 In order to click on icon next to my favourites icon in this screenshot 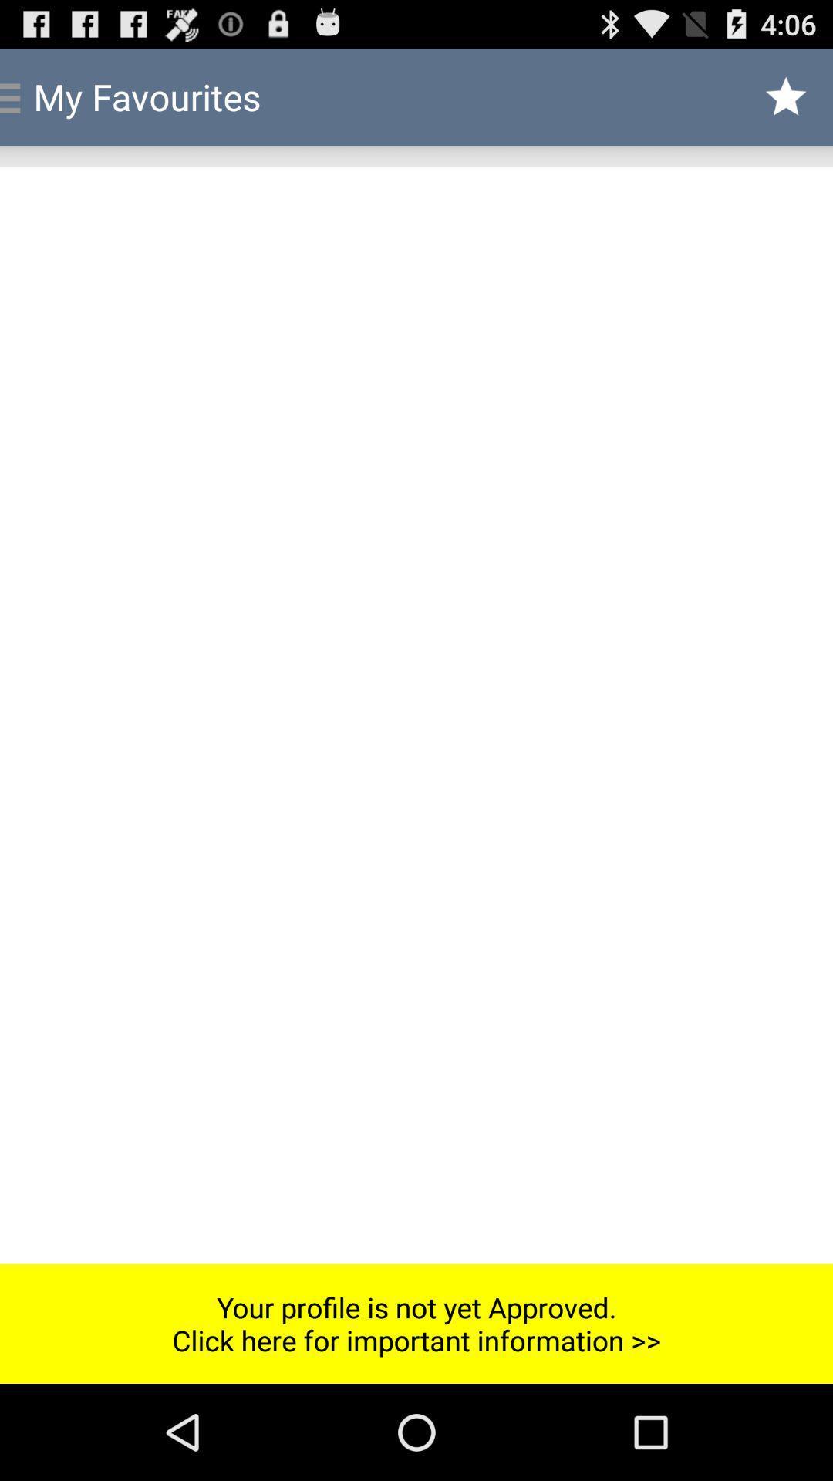, I will do `click(786, 96)`.